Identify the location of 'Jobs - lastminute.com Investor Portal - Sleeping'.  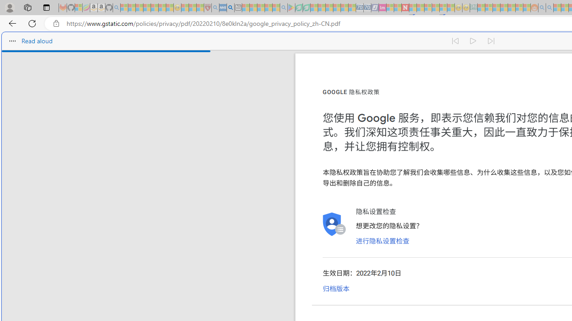
(382, 8).